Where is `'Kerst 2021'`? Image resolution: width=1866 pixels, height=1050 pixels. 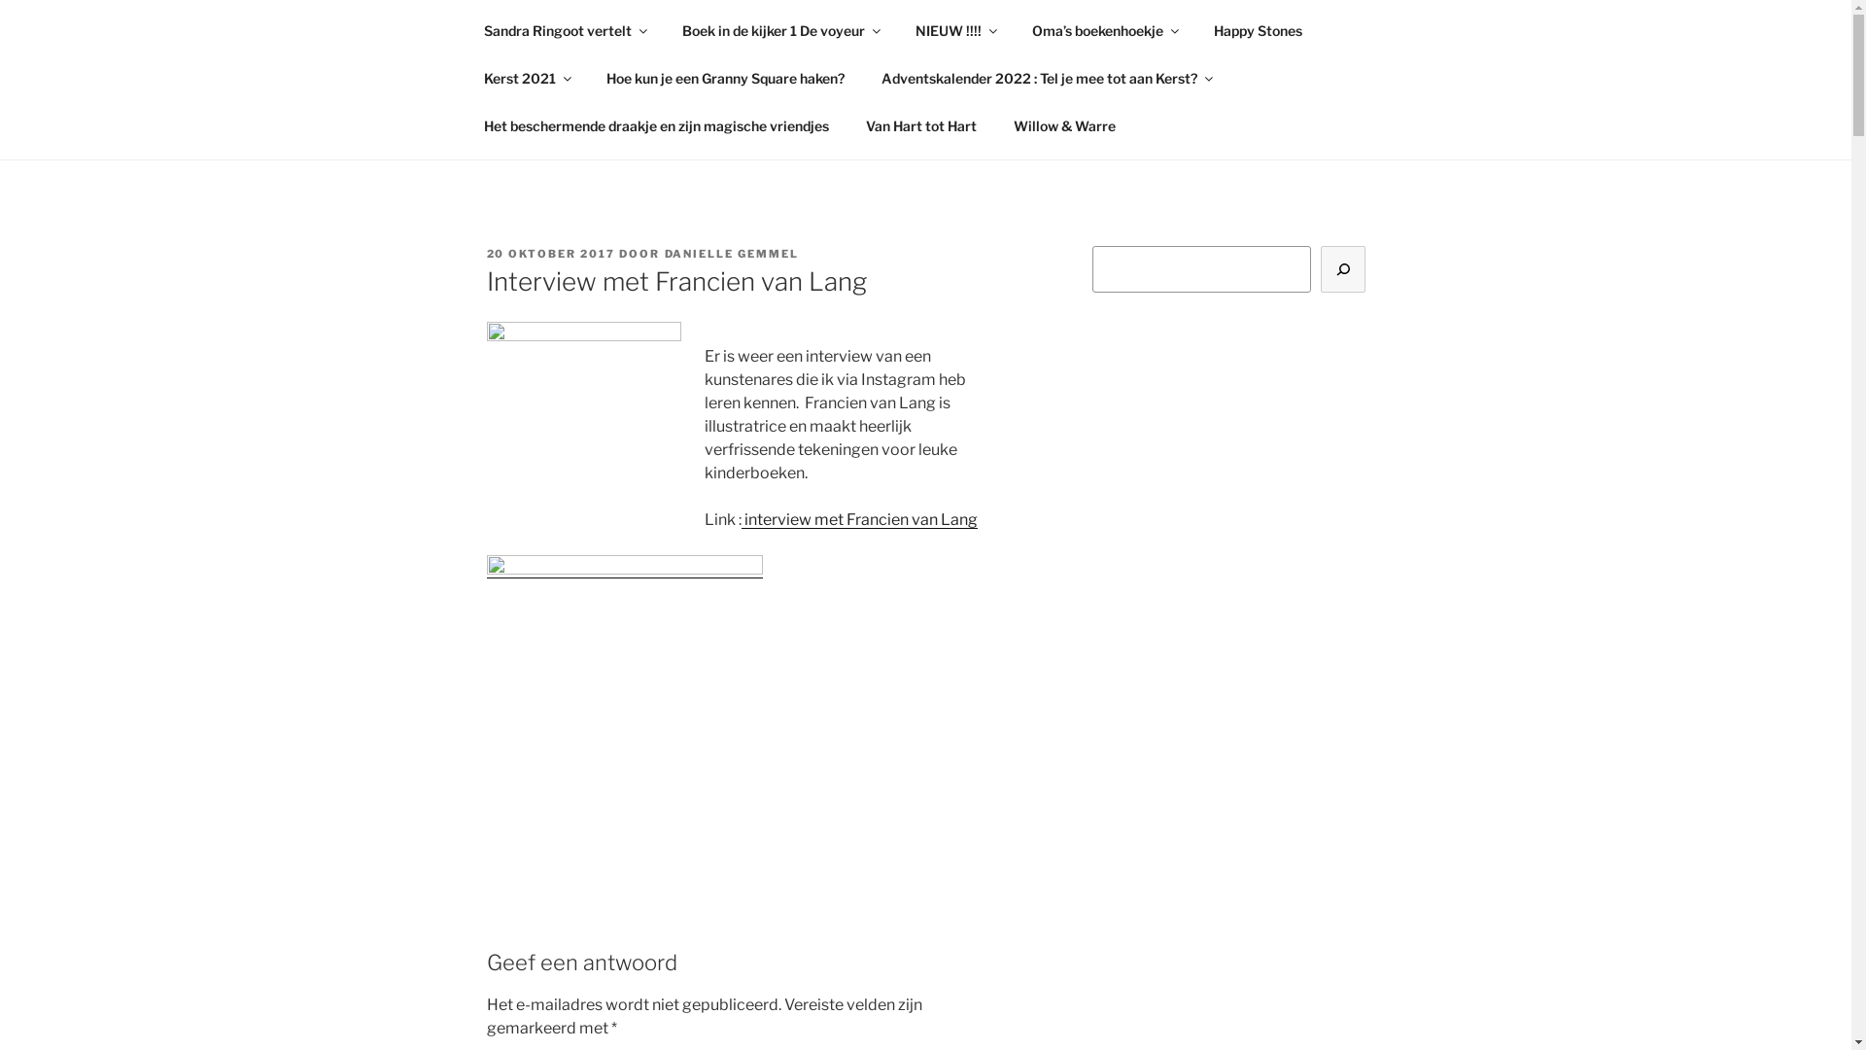
'Kerst 2021' is located at coordinates (466, 77).